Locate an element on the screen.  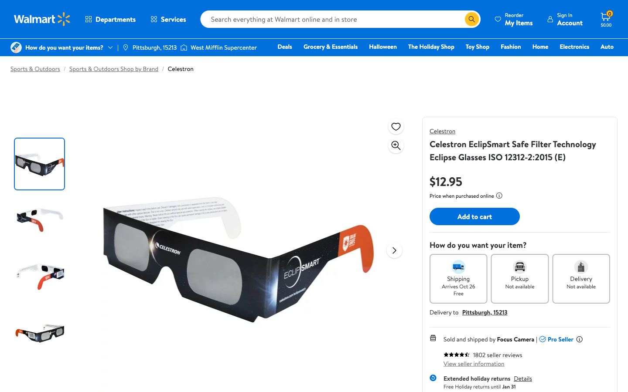
Inspect the return policy of the active item is located at coordinates (522, 378).